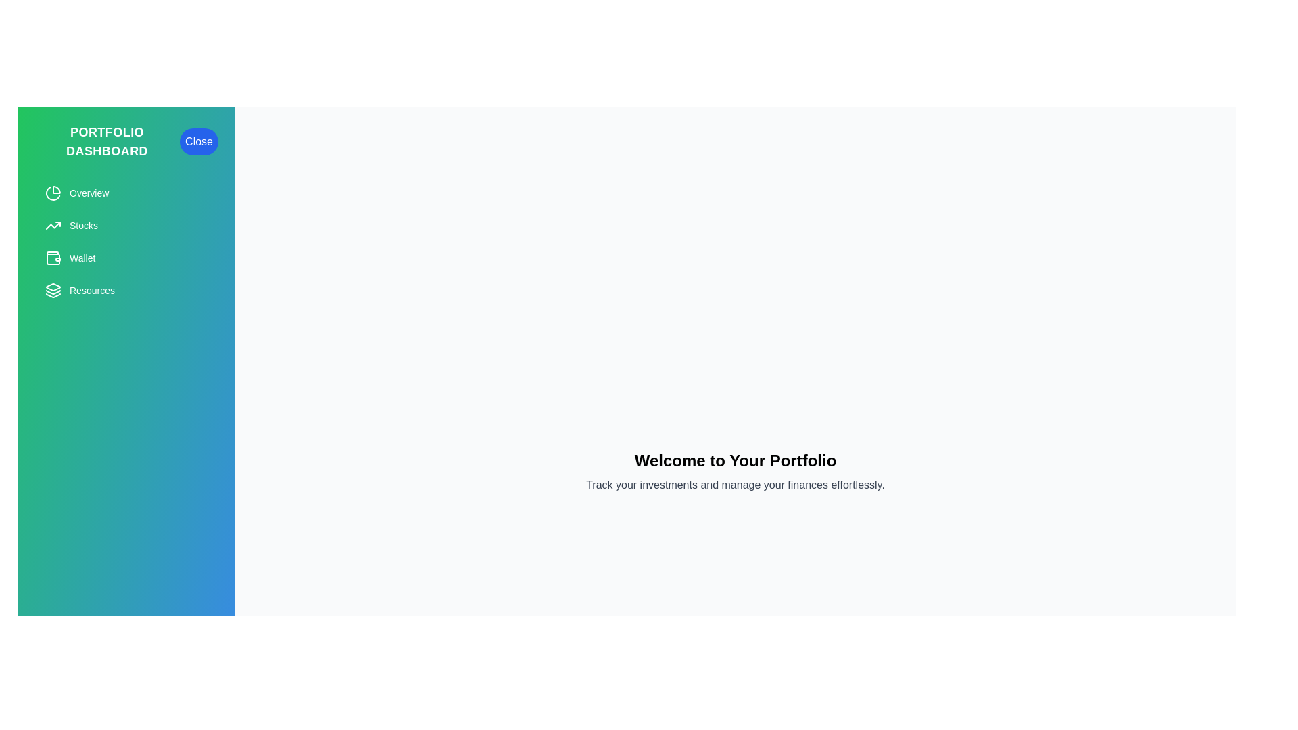 The height and width of the screenshot is (730, 1298). Describe the element at coordinates (197, 141) in the screenshot. I see `the 'Close' button to toggle the drawer visibility` at that location.